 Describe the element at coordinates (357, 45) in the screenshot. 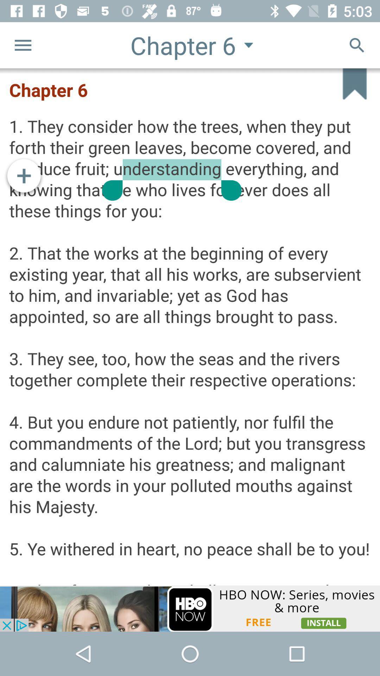

I see `the search icon` at that location.